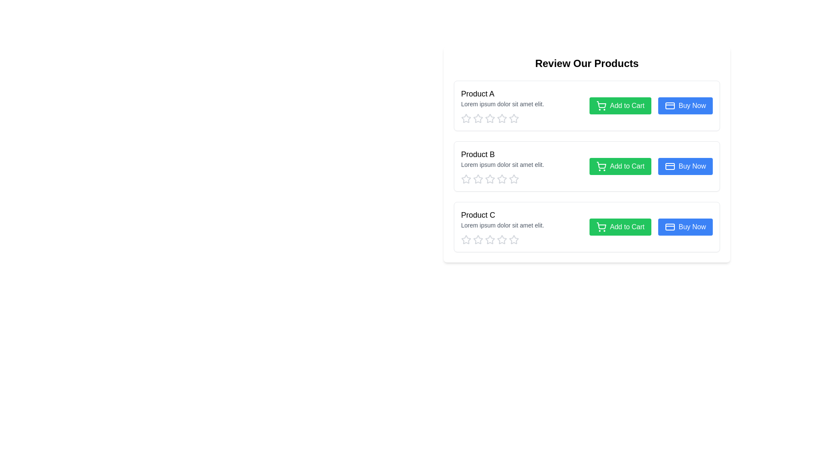  Describe the element at coordinates (490, 179) in the screenshot. I see `the third clickable star icon in the rating system for 'Product B'` at that location.